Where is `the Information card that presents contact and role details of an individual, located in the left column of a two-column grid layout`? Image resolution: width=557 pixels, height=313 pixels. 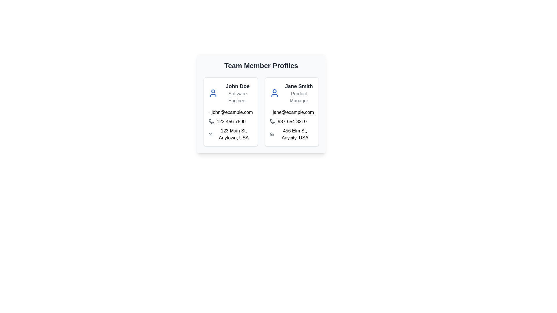
the Information card that presents contact and role details of an individual, located in the left column of a two-column grid layout is located at coordinates (230, 112).